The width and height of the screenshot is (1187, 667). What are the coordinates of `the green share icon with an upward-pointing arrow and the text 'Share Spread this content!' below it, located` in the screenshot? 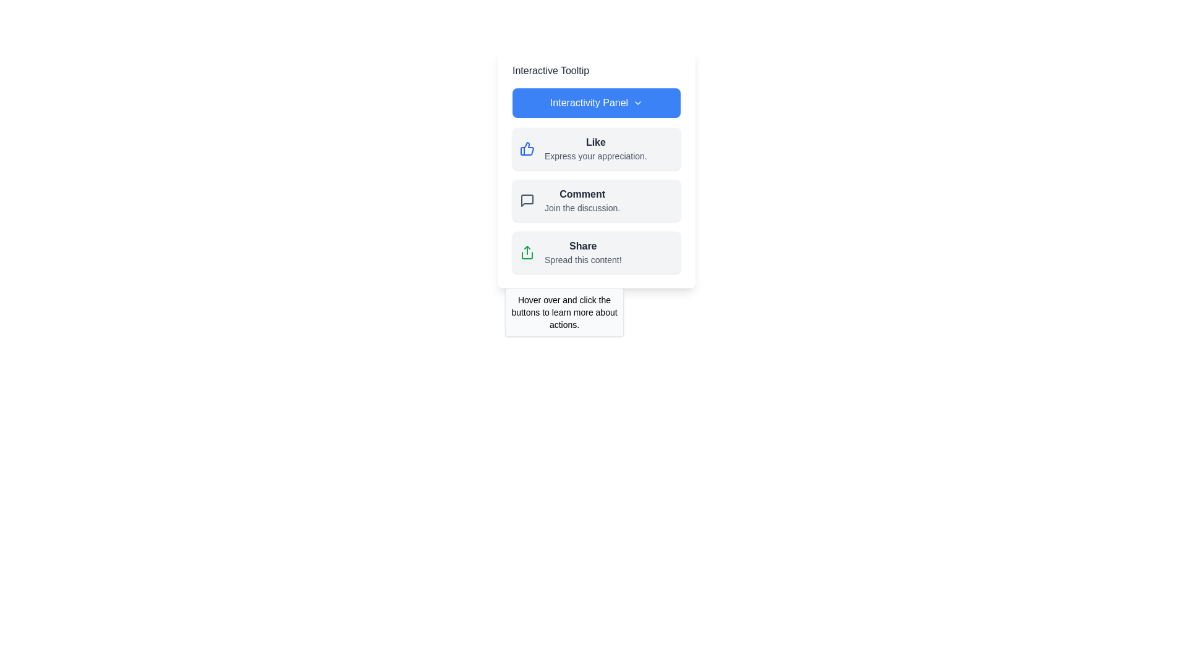 It's located at (527, 251).